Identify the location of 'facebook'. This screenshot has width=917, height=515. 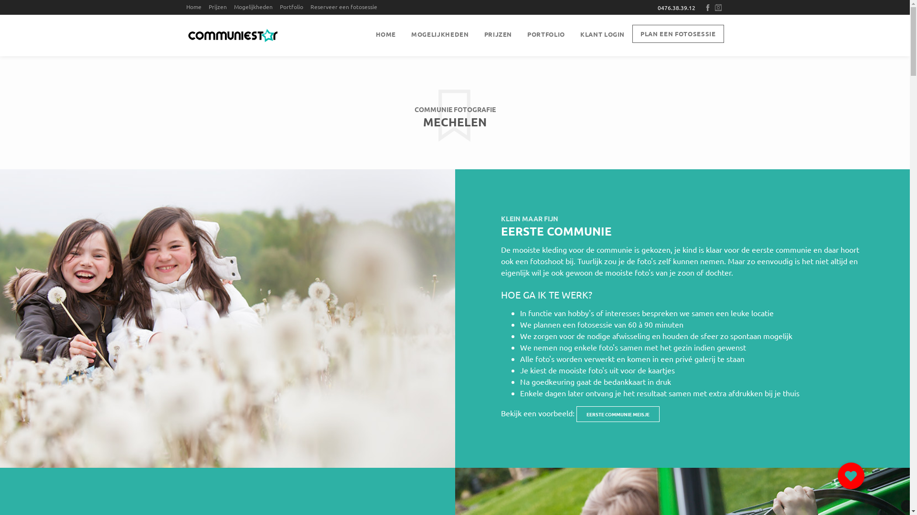
(708, 7).